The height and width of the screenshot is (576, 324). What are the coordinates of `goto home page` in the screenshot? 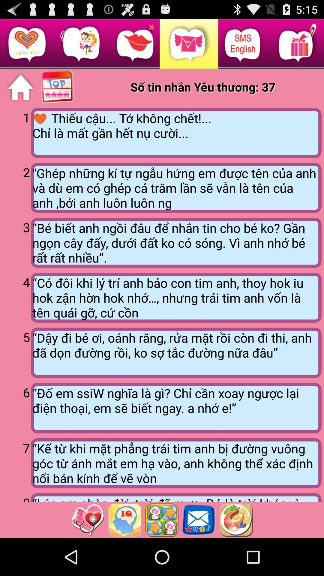 It's located at (20, 87).